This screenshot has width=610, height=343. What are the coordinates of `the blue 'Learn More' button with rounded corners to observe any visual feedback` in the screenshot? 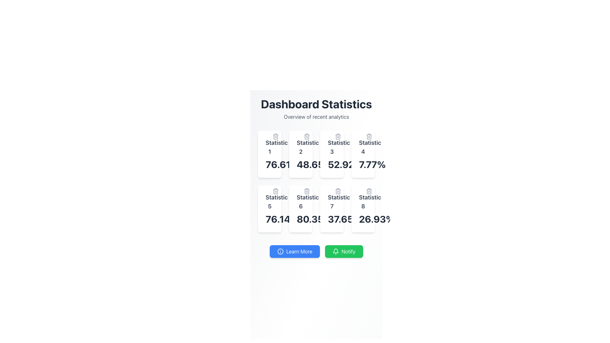 It's located at (295, 251).